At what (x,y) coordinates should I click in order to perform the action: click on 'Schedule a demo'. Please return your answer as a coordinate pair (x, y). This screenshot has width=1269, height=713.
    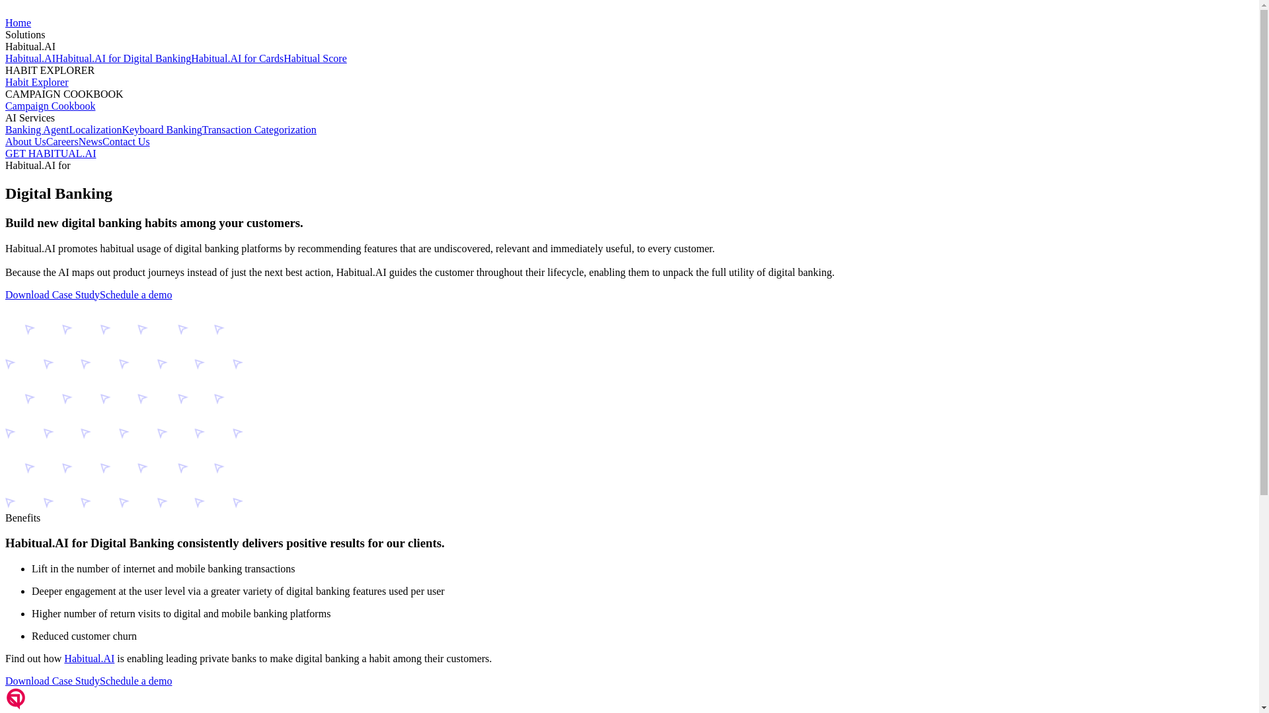
    Looking at the image, I should click on (98, 681).